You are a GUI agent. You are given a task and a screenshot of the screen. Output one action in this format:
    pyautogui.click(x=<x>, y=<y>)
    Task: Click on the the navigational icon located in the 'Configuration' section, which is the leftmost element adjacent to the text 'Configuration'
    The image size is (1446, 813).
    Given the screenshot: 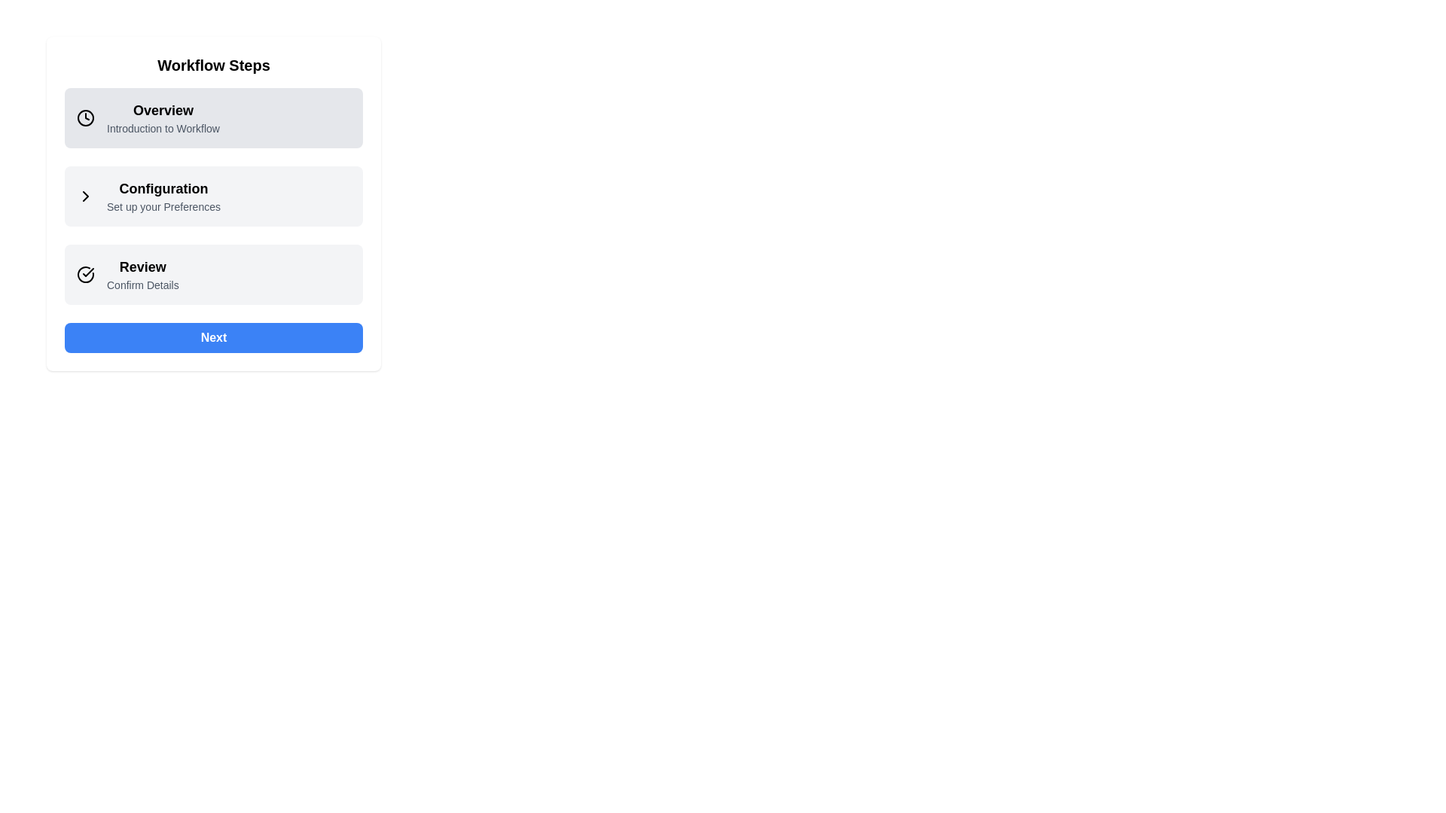 What is the action you would take?
    pyautogui.click(x=90, y=196)
    